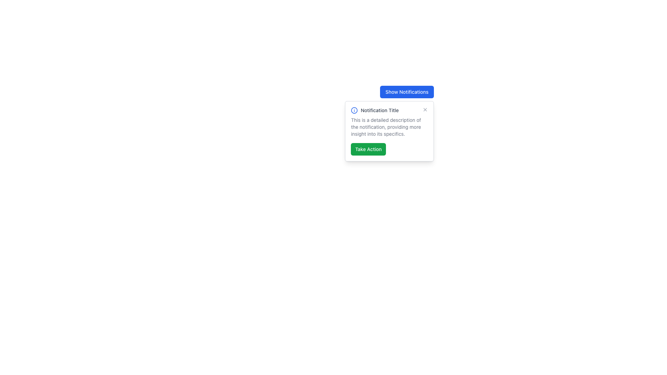 The width and height of the screenshot is (667, 375). I want to click on the title label of the notification, which is located in the top-left section of the notification panel, to the right of the informational icon and above the textual description, so click(374, 110).